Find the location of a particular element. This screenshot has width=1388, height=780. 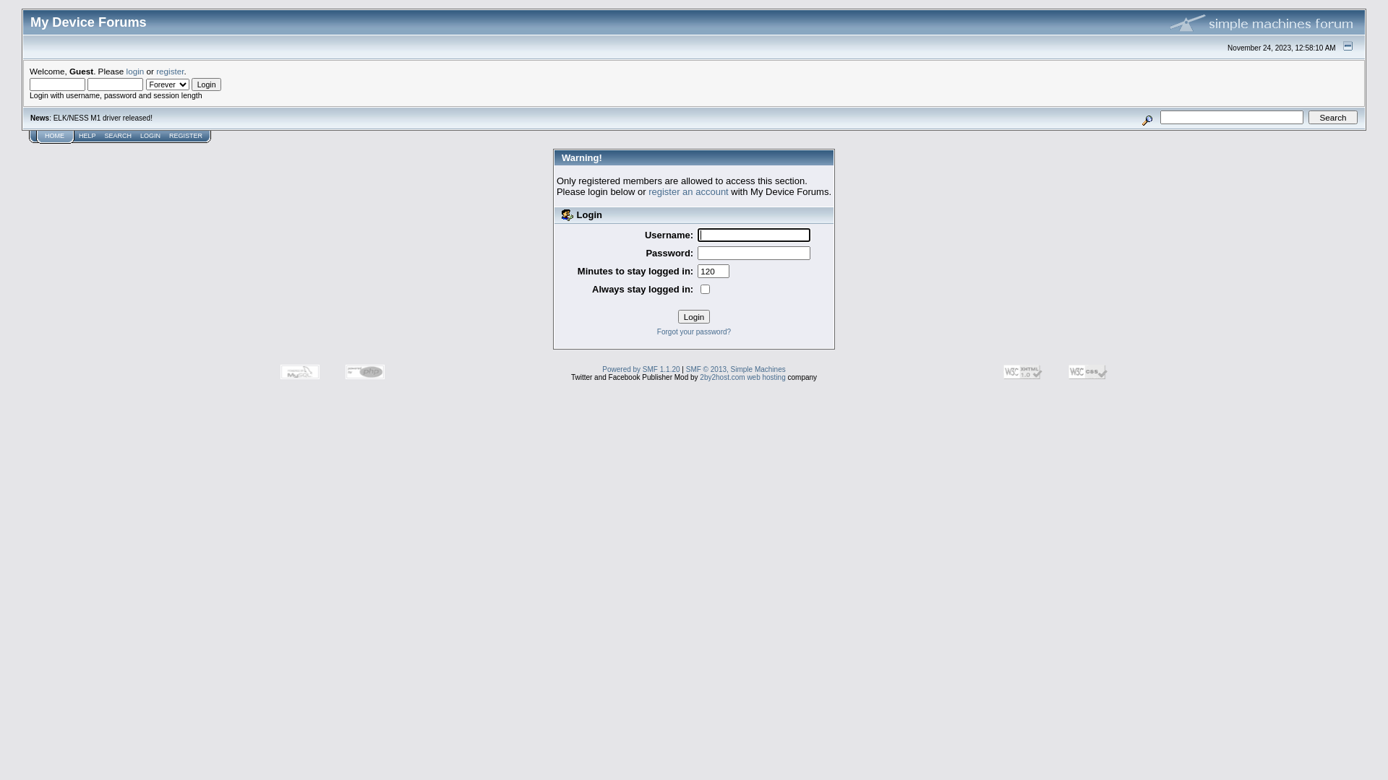

'REGISTER' is located at coordinates (185, 136).